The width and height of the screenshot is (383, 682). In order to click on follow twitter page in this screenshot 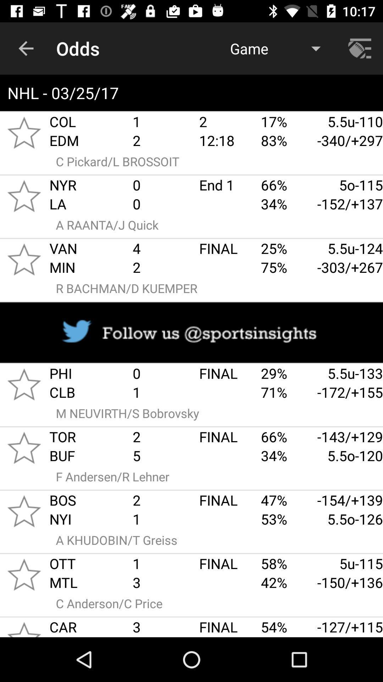, I will do `click(191, 332)`.